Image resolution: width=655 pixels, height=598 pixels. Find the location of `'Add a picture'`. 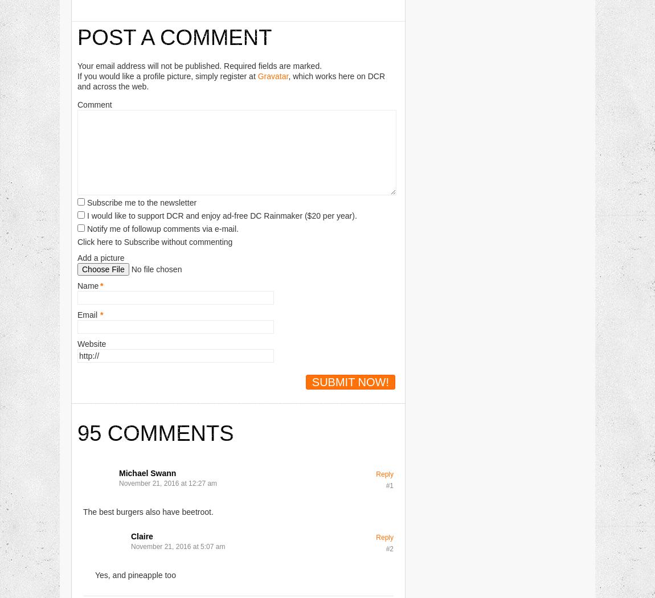

'Add a picture' is located at coordinates (100, 257).